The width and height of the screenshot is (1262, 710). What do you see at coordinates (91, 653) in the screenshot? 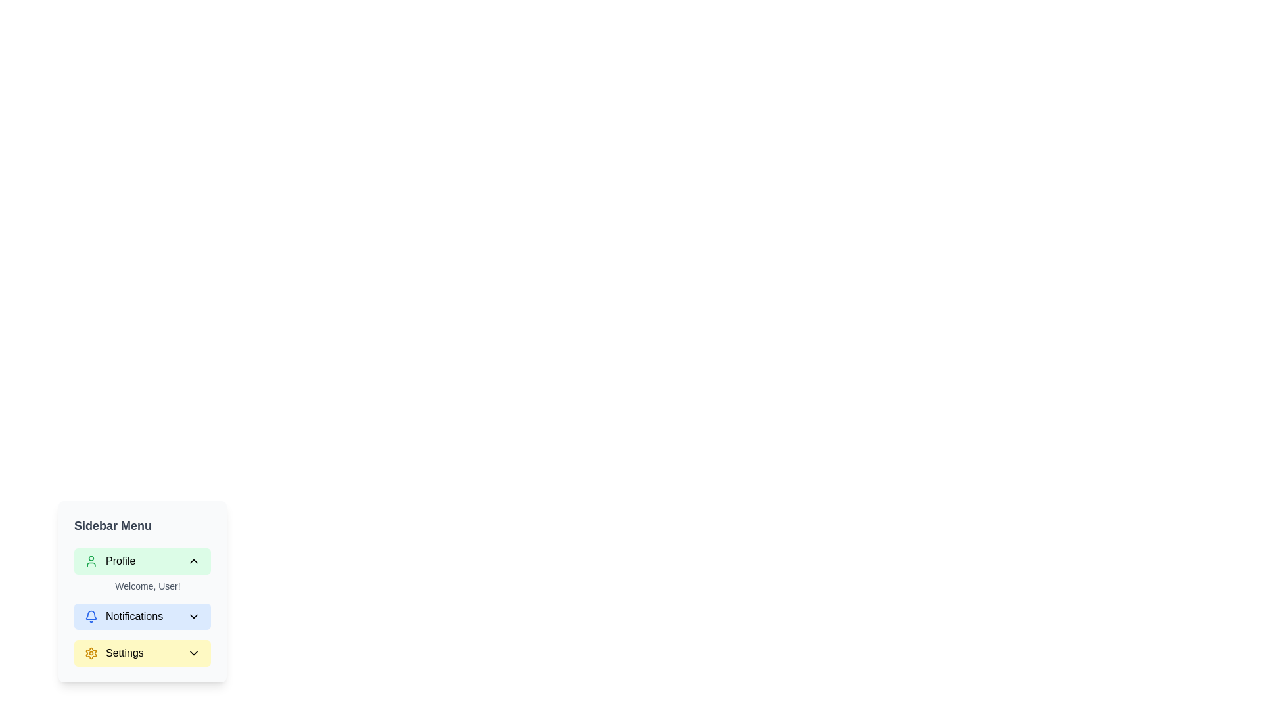
I see `the 'Settings' icon located in the bottom section of the sidebar menu` at bounding box center [91, 653].